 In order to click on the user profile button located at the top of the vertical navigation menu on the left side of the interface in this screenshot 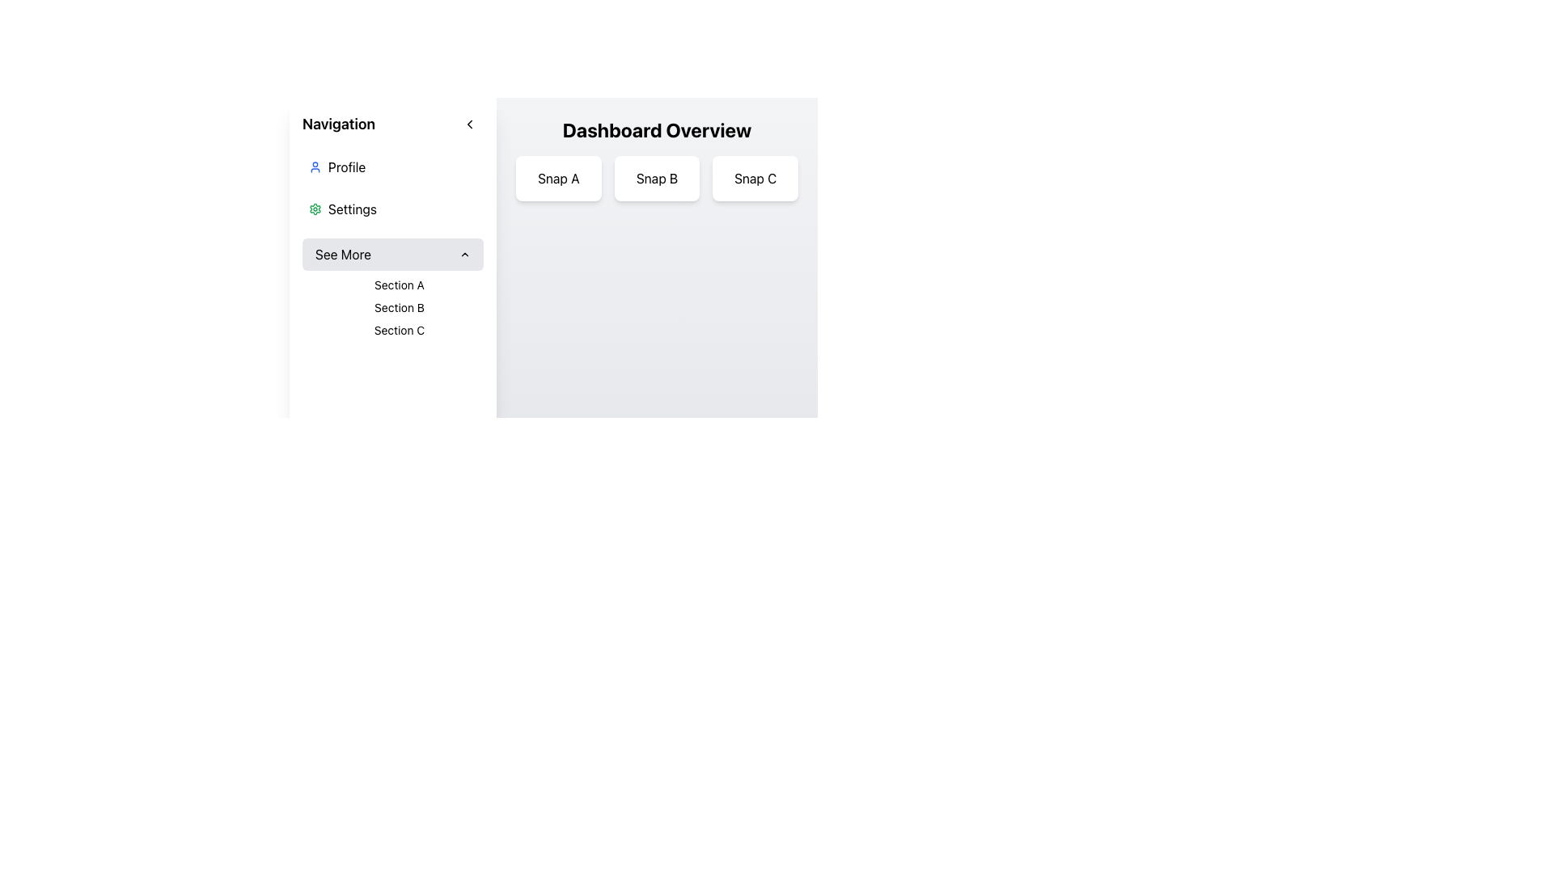, I will do `click(392, 167)`.